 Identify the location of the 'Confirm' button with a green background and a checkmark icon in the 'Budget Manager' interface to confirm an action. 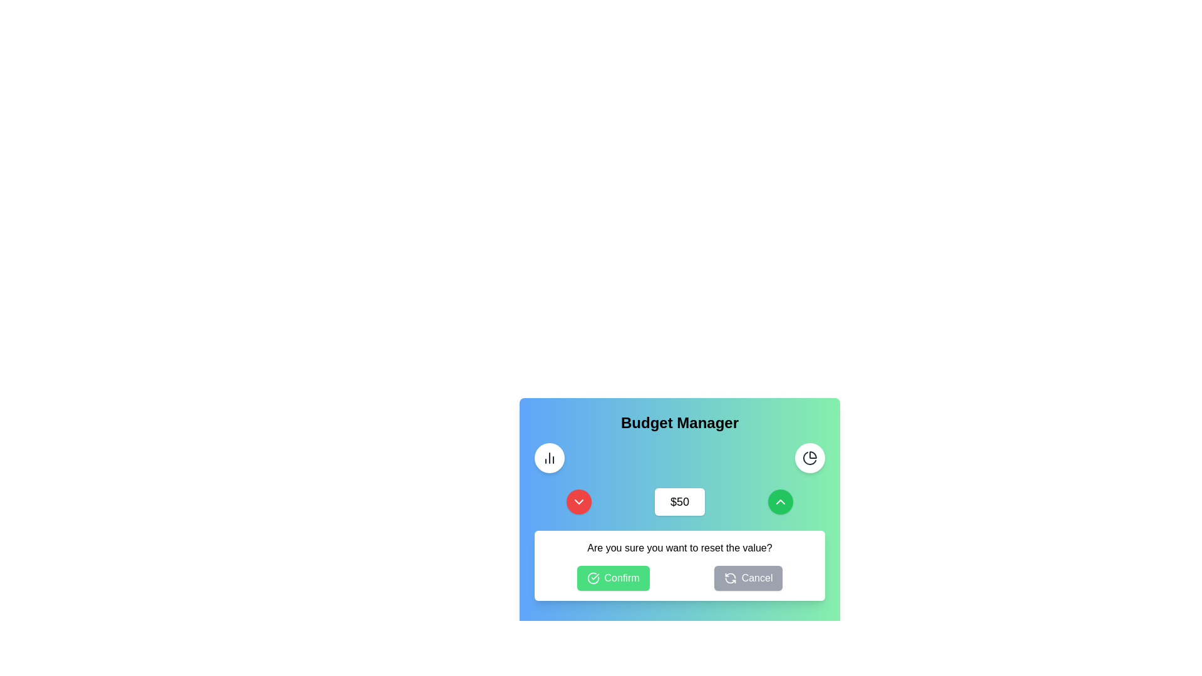
(613, 578).